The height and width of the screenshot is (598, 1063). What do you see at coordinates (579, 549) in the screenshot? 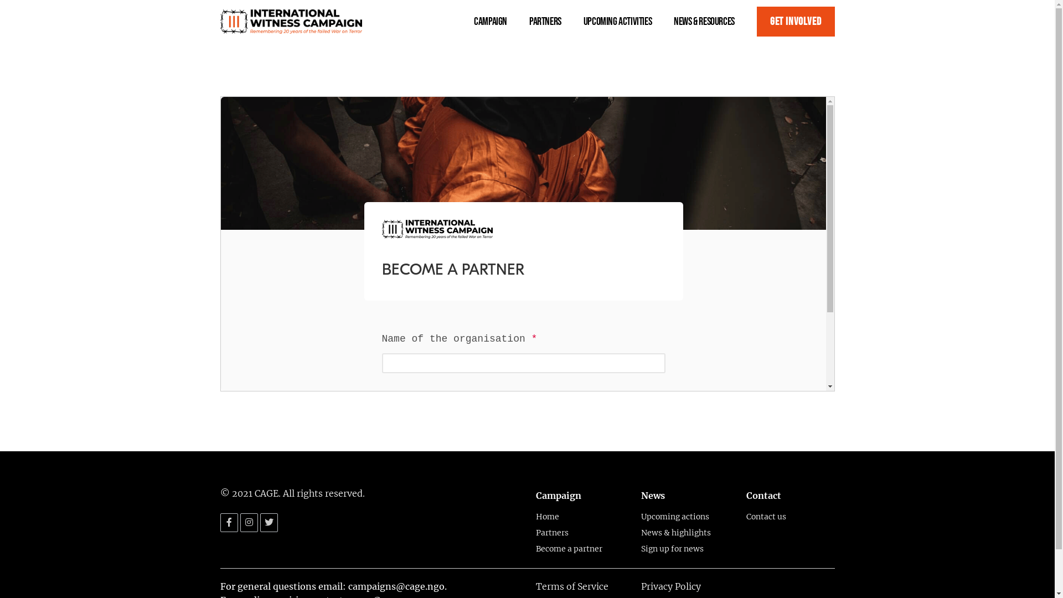
I see `'Become a partner'` at bounding box center [579, 549].